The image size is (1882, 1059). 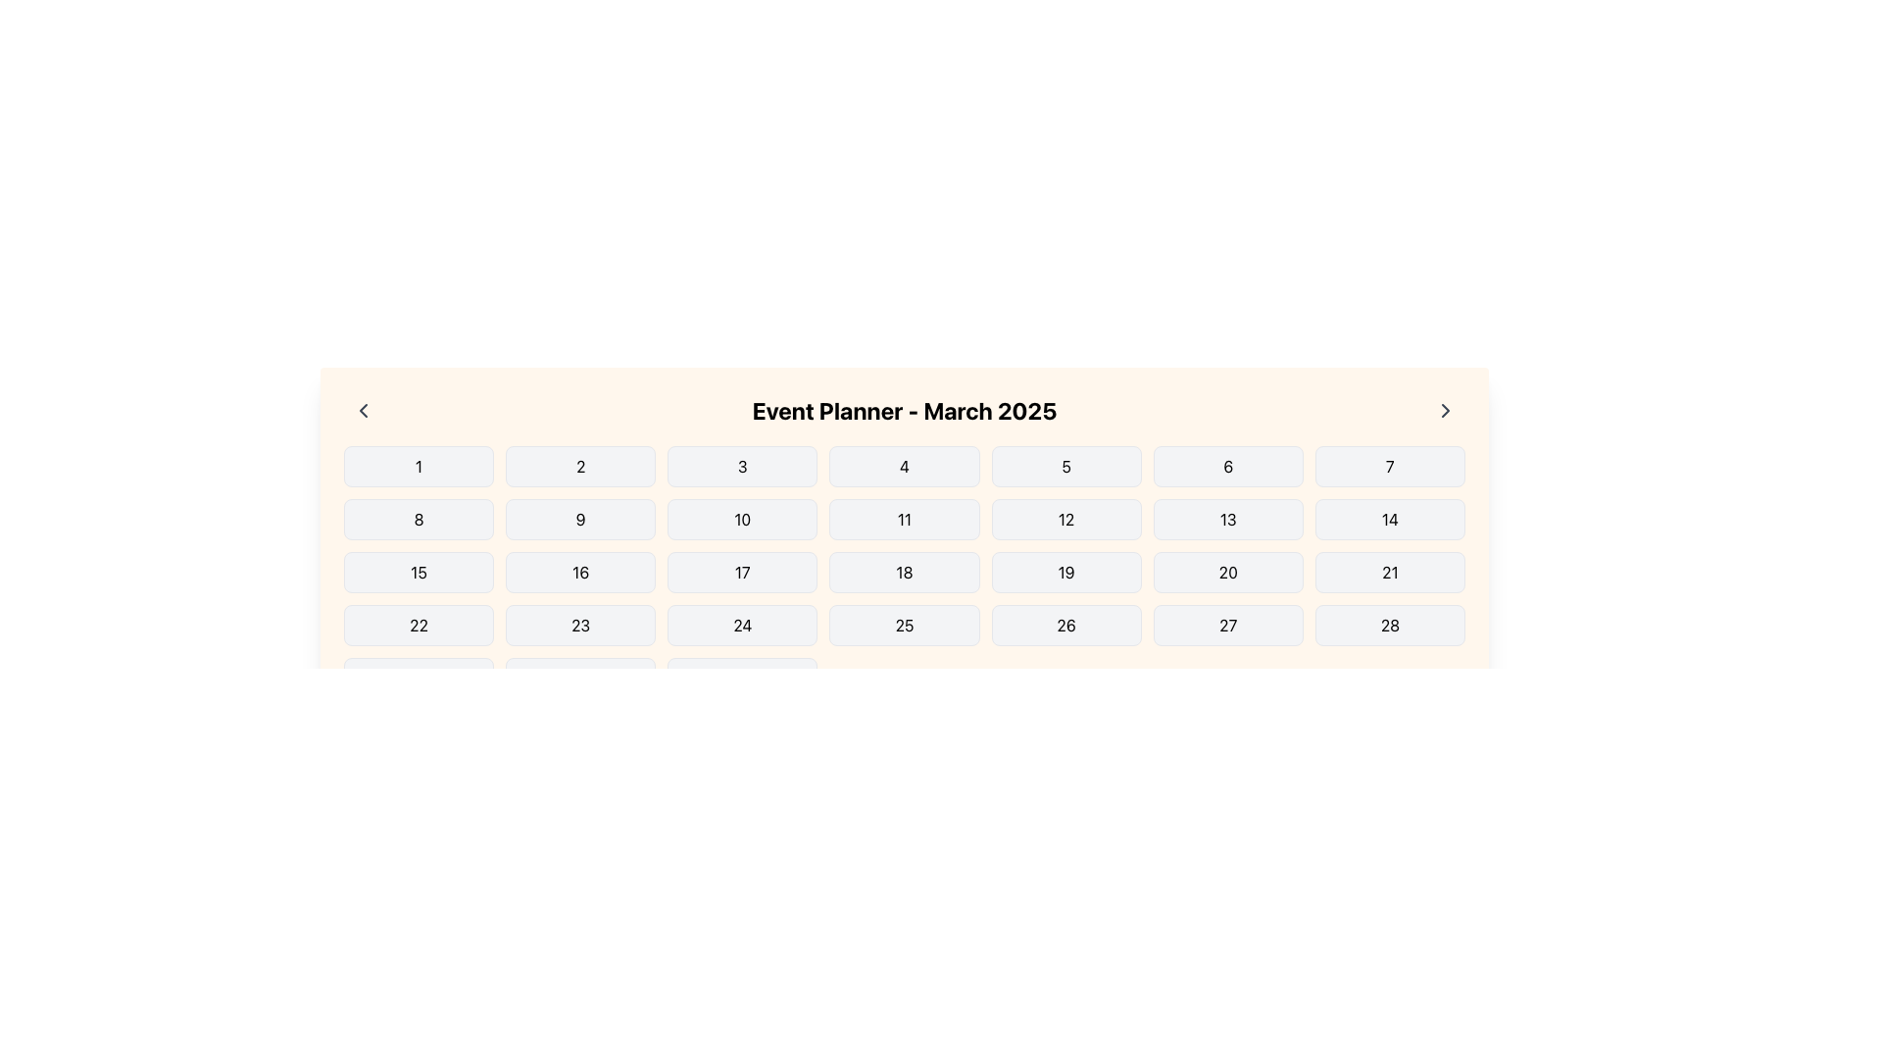 I want to click on the numeric text representing the first date in the calendar view, so click(x=418, y=466).